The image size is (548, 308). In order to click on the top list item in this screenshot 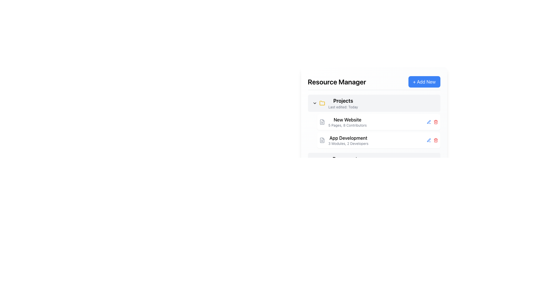, I will do `click(342, 122)`.